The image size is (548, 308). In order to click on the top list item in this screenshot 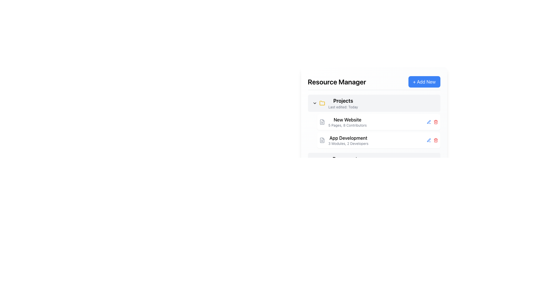, I will do `click(342, 122)`.